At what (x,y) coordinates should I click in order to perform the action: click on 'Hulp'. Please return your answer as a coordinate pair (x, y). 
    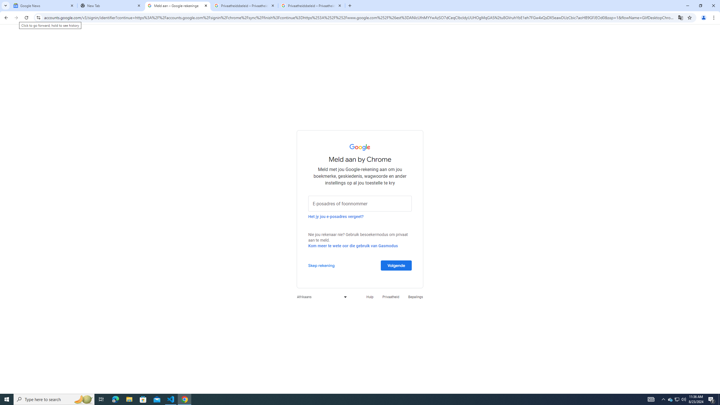
    Looking at the image, I should click on (369, 296).